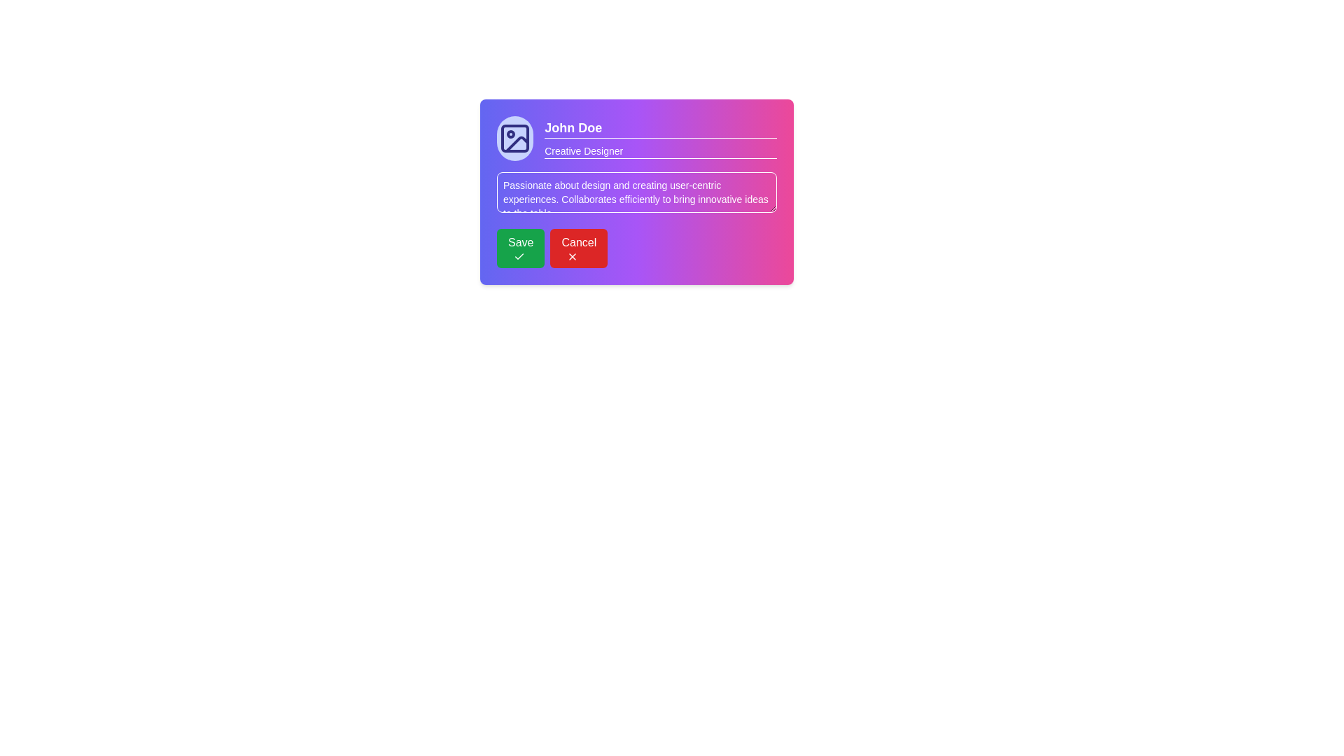 The width and height of the screenshot is (1344, 756). What do you see at coordinates (636, 192) in the screenshot?
I see `inside the multi-line text input area that has a transparent background and rounded corners` at bounding box center [636, 192].